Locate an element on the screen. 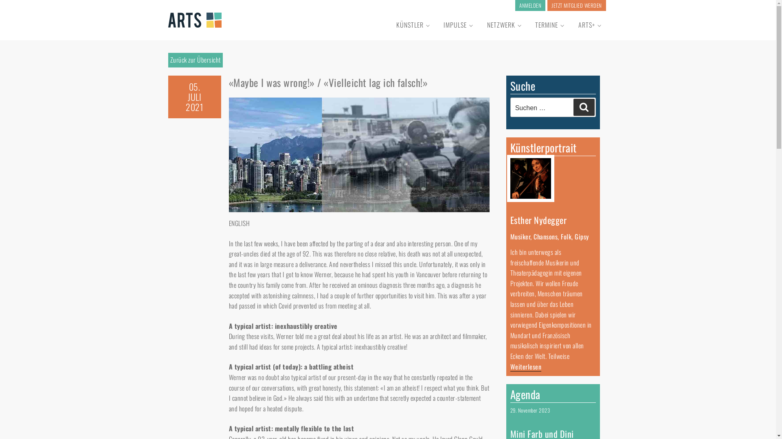  'ANMELDEN' is located at coordinates (530, 5).